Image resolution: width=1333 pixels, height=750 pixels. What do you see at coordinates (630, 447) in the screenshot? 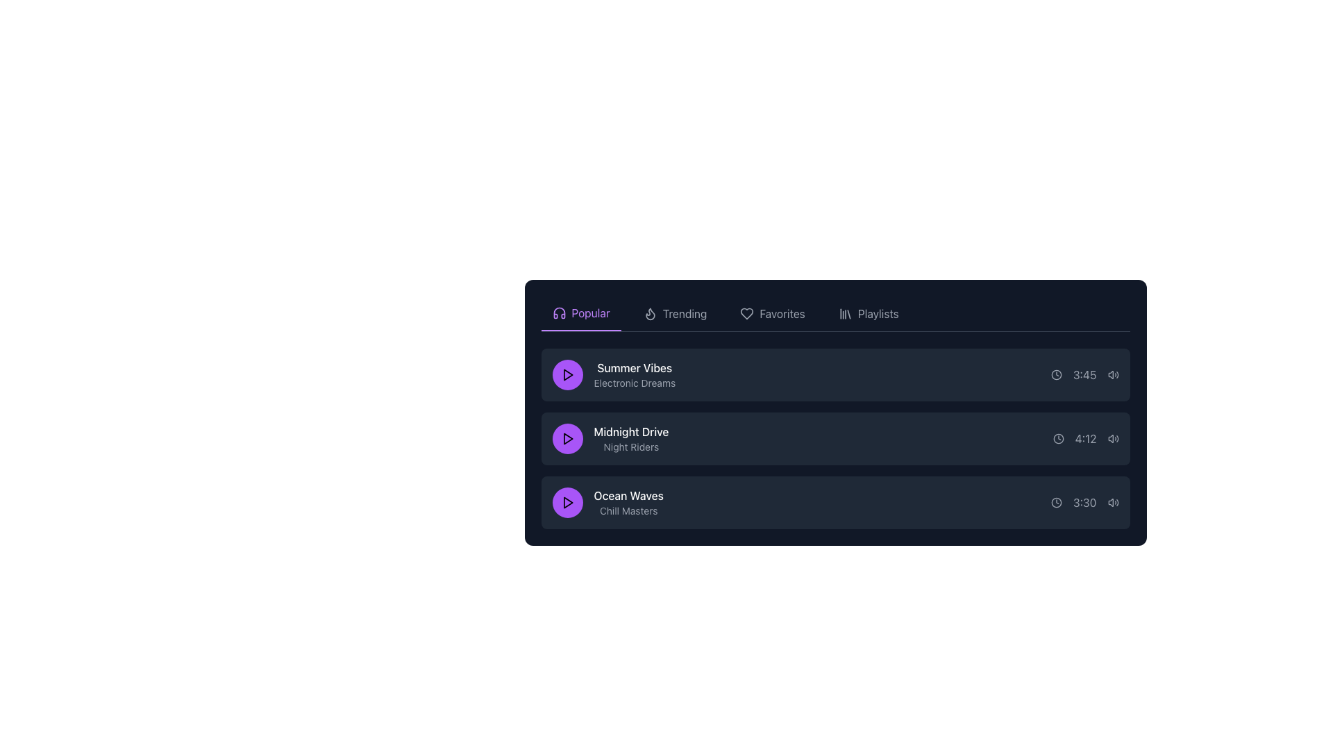
I see `the static text label providing additional descriptive information related to the 'Midnight Drive' playlist entry, located below the 'Midnight Drive' text within the second item of the playlist in the 'Popular' tab` at bounding box center [630, 447].